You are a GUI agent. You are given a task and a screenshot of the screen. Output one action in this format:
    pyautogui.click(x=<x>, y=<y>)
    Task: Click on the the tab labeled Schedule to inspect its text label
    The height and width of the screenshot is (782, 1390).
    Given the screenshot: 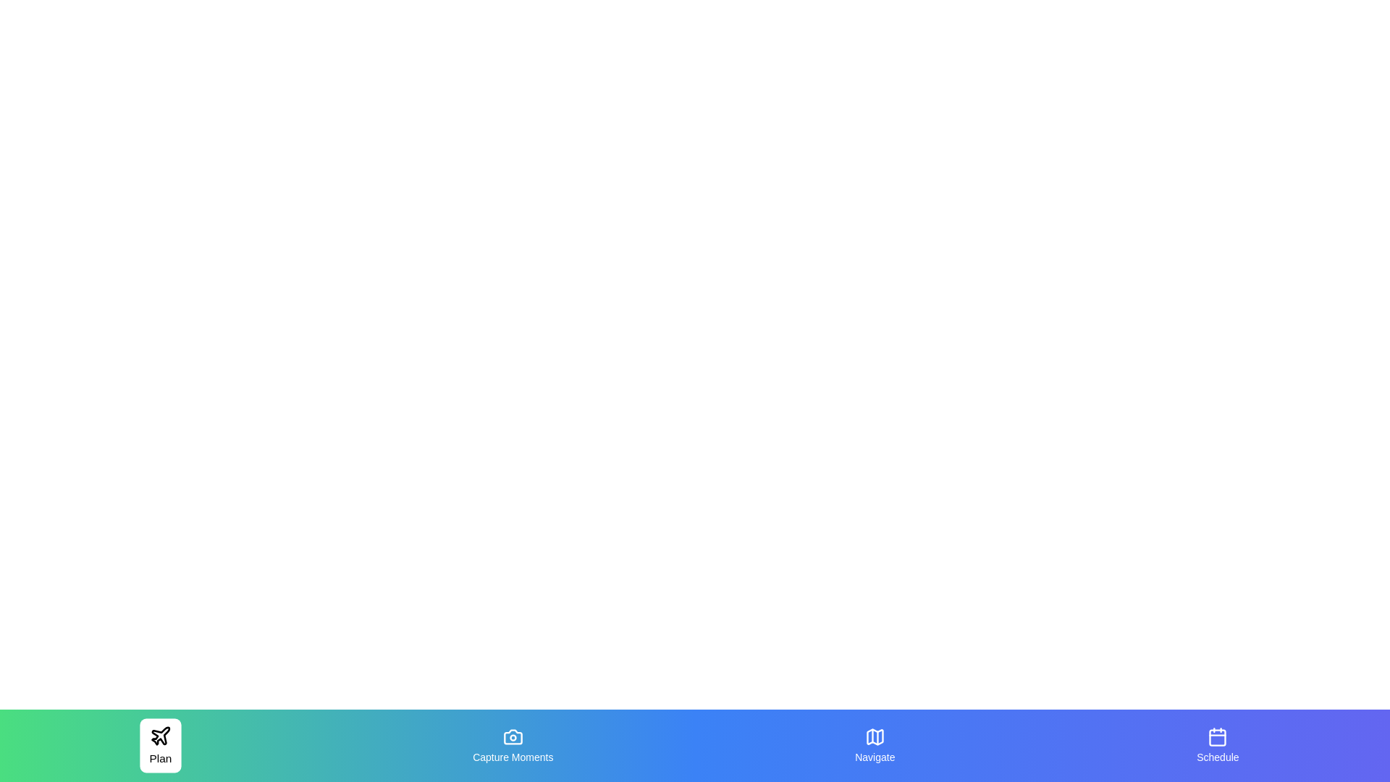 What is the action you would take?
    pyautogui.click(x=1216, y=745)
    